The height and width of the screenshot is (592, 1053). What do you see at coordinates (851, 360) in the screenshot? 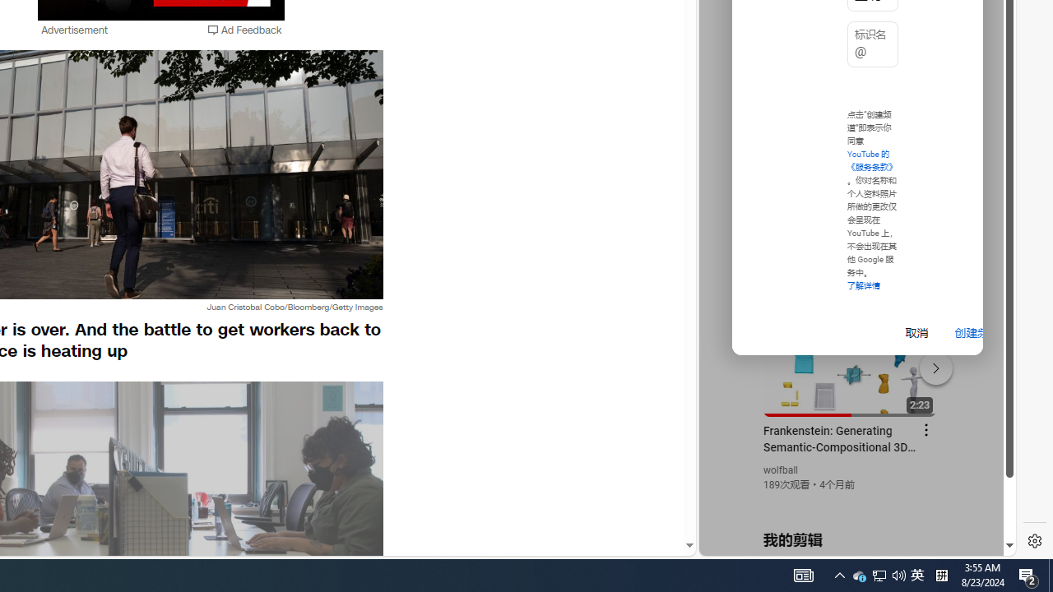
I see `'#you'` at bounding box center [851, 360].